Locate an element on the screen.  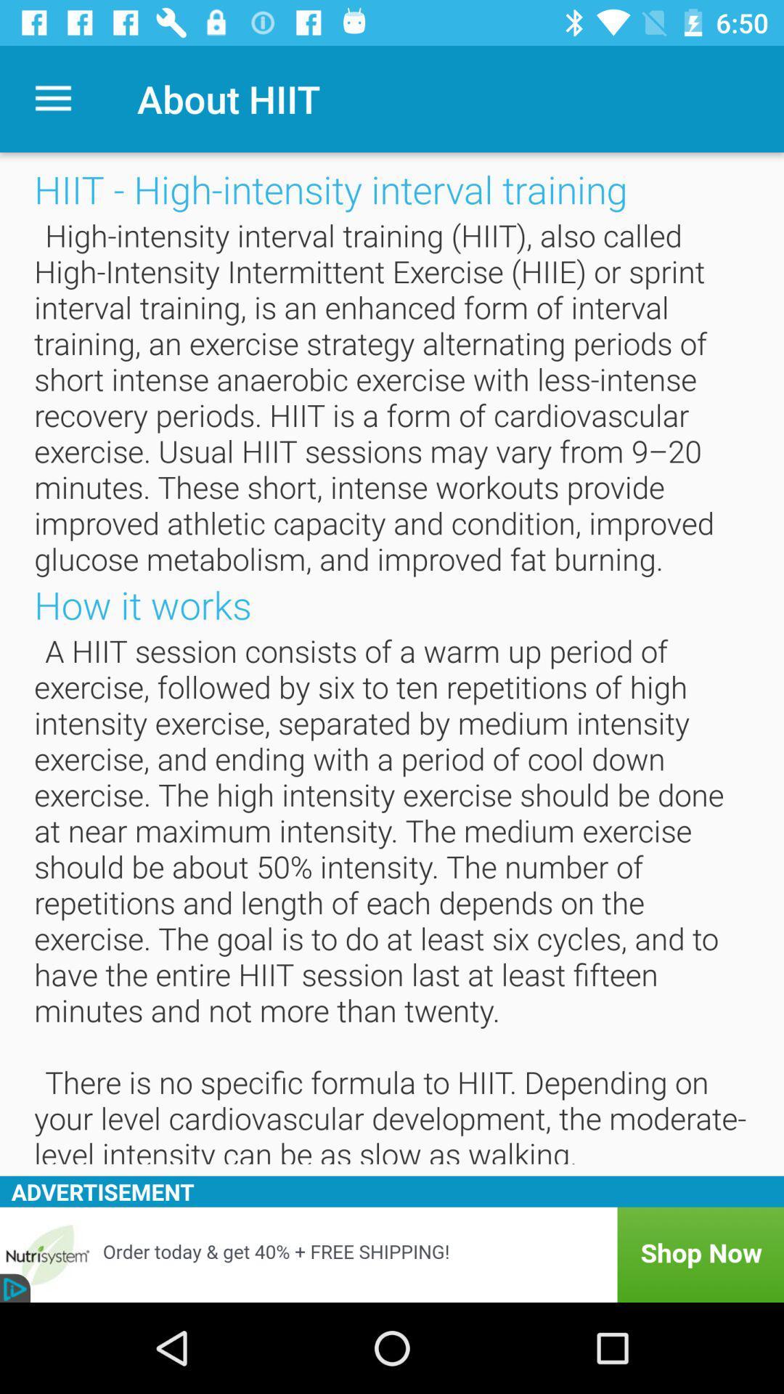
icon below the advertisement is located at coordinates (392, 1254).